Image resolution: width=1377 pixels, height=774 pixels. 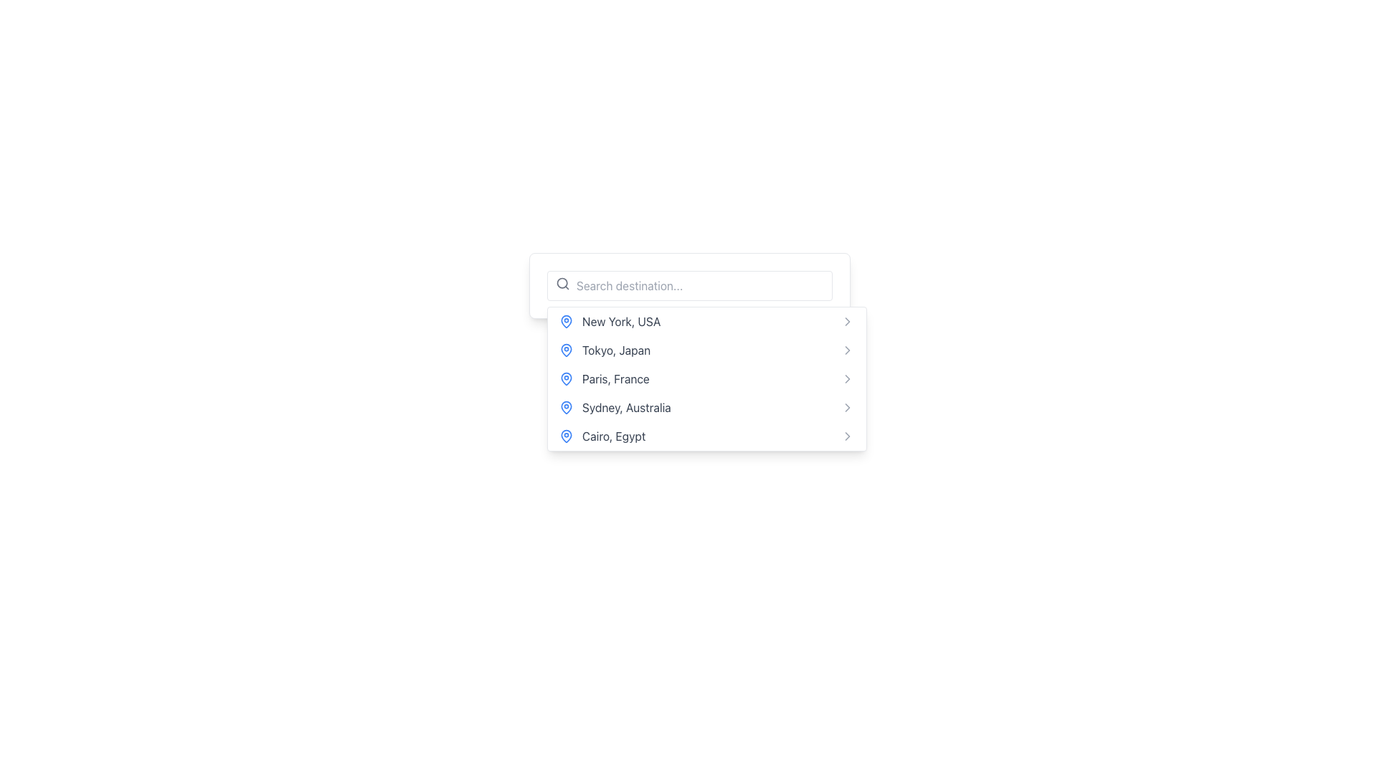 What do you see at coordinates (706, 408) in the screenshot?
I see `the list item for 'Sydney, Australia', which is the fourth item in the vertical list of locations` at bounding box center [706, 408].